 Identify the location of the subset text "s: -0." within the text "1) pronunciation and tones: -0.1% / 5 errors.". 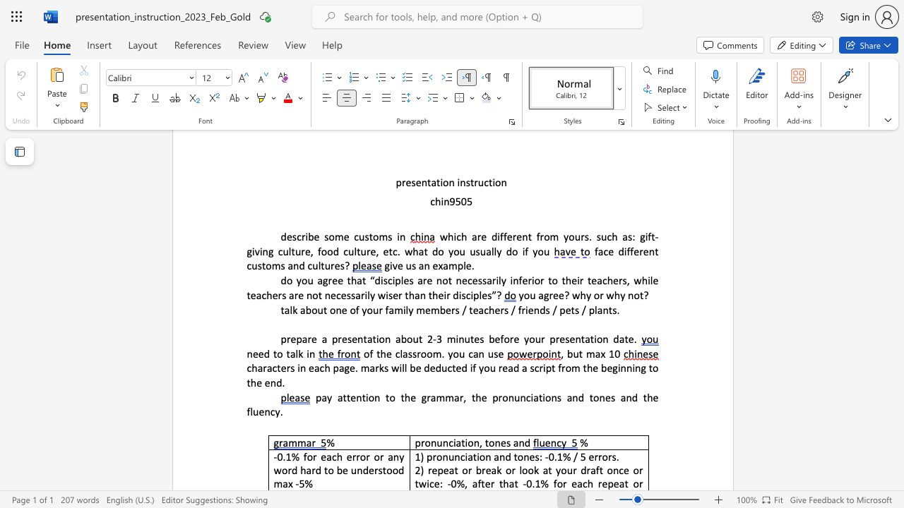
(534, 456).